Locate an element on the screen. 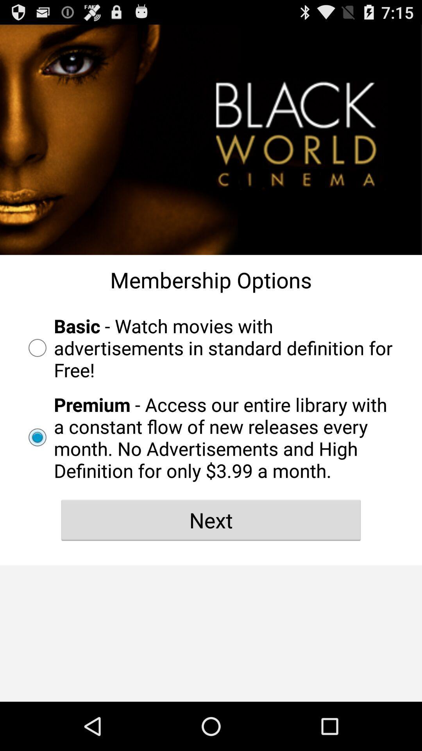 Image resolution: width=422 pixels, height=751 pixels. item below premium access our item is located at coordinates (211, 520).